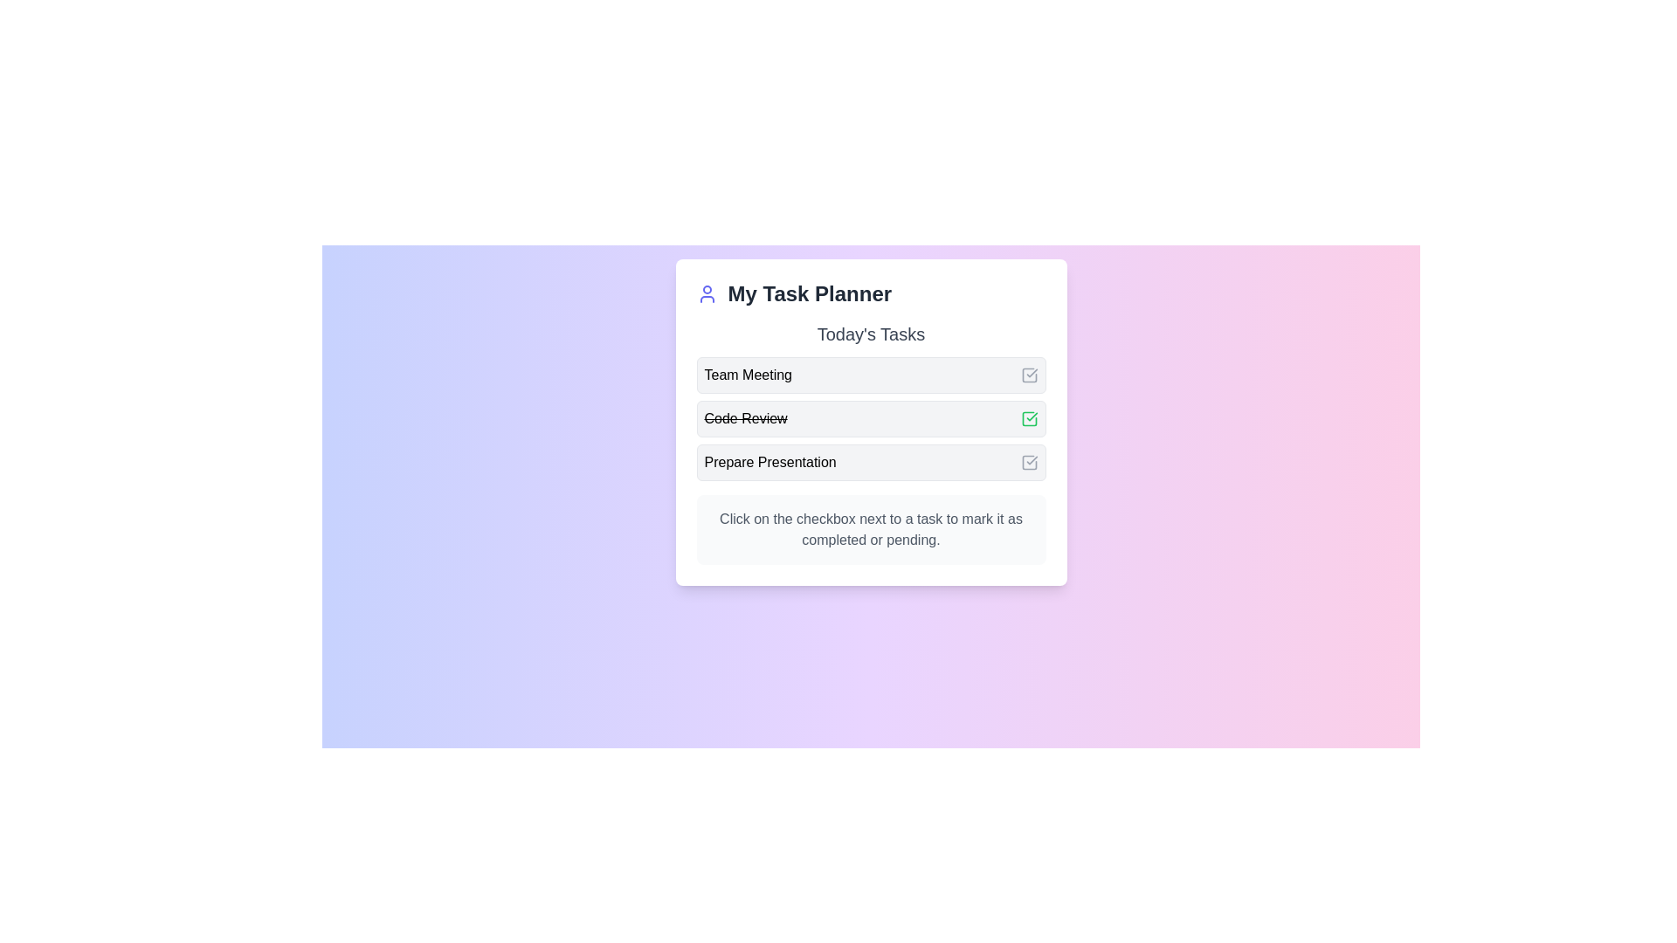 The width and height of the screenshot is (1677, 943). What do you see at coordinates (1029, 418) in the screenshot?
I see `the interactive checkbox positioned to the right of the 'Code Review' task in the 'Today's Tasks' card` at bounding box center [1029, 418].